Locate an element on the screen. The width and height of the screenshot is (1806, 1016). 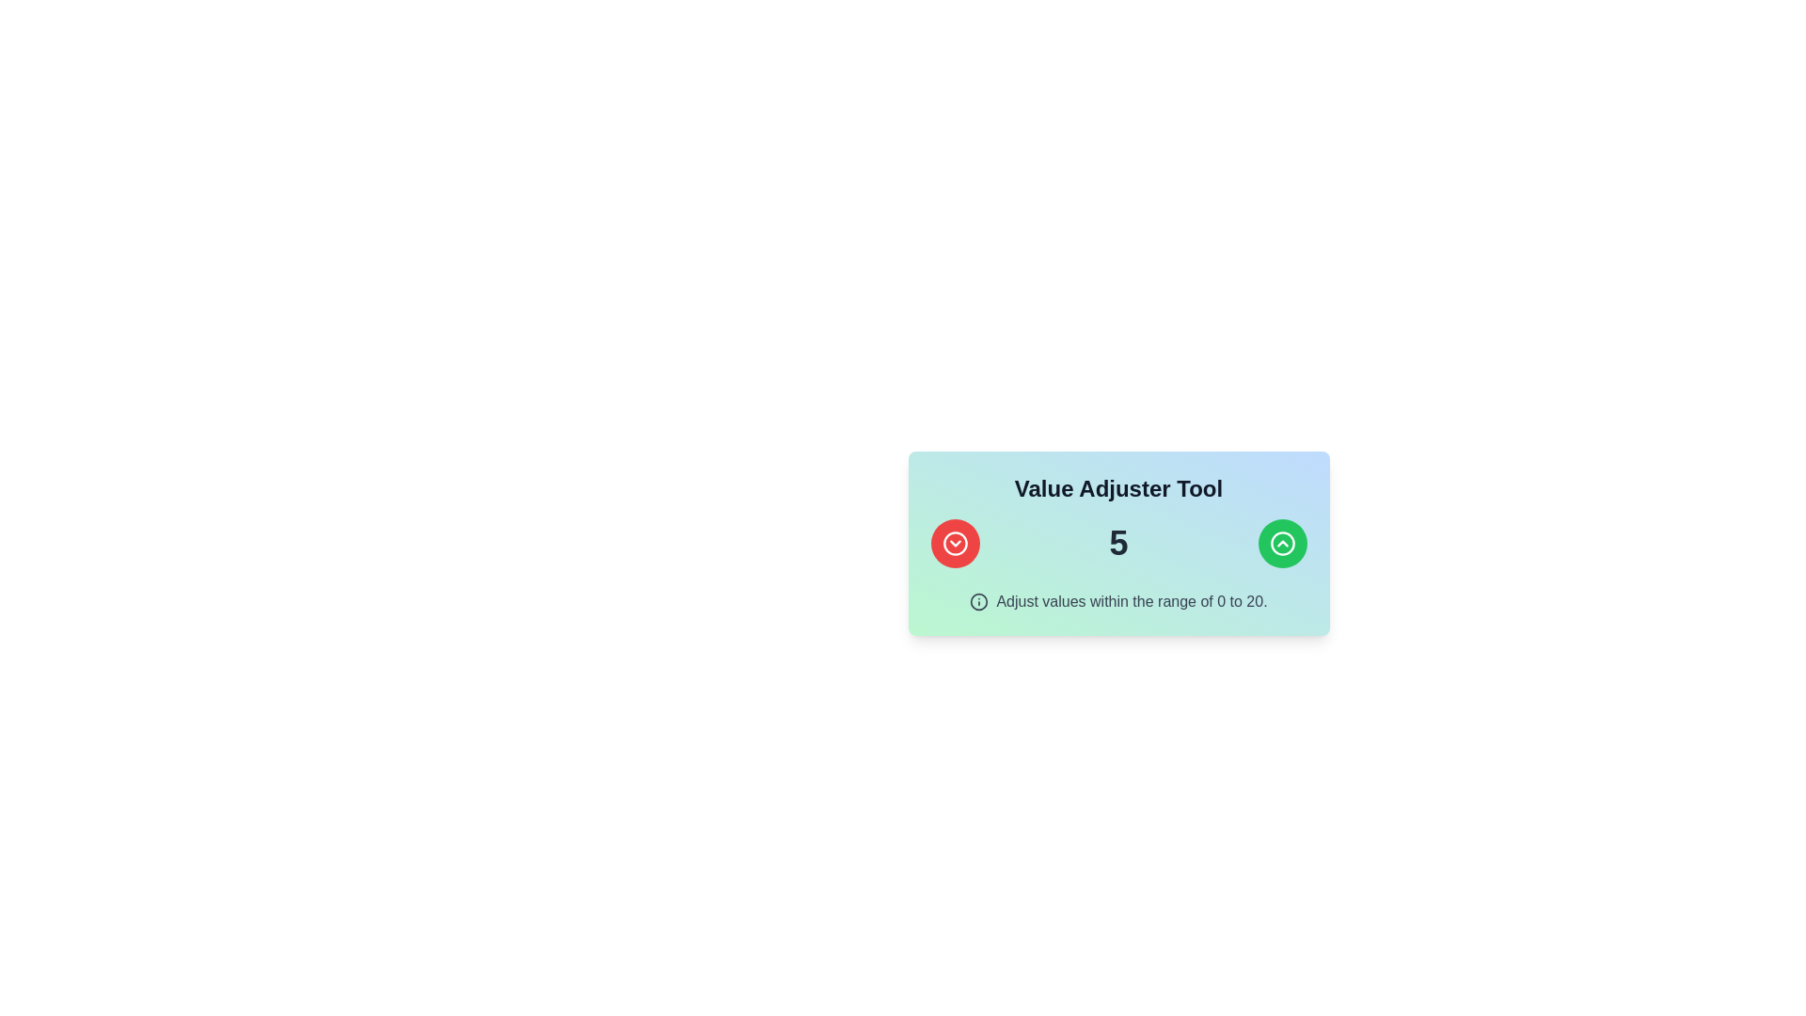
the muted gray text label that reads 'Adjust values within the range of 0 to 20.' located at the bottom of the 'Value Adjuster Tool' card is located at coordinates (1118, 602).